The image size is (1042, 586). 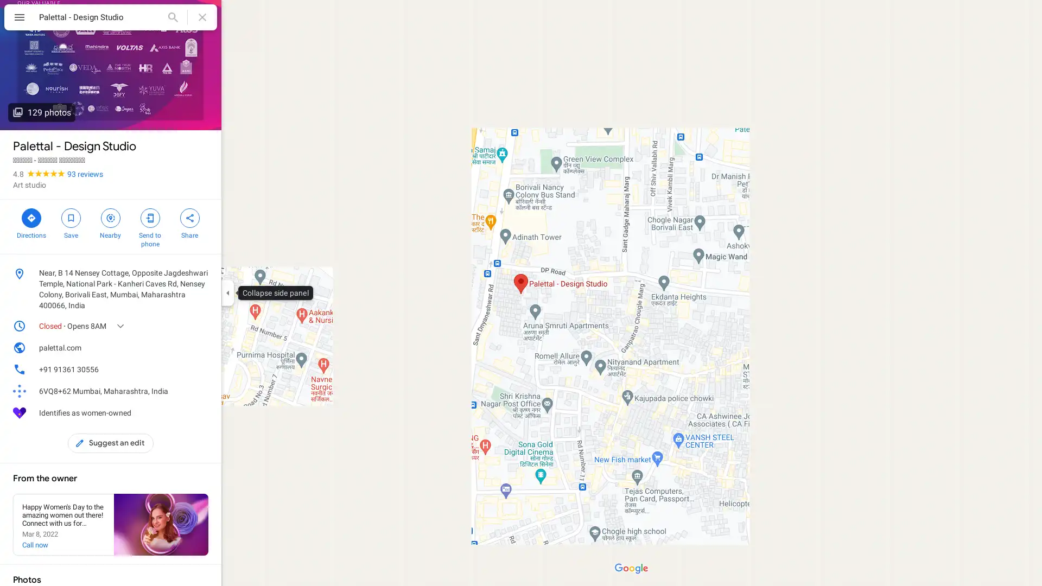 I want to click on Suggest an edit, so click(x=111, y=443).